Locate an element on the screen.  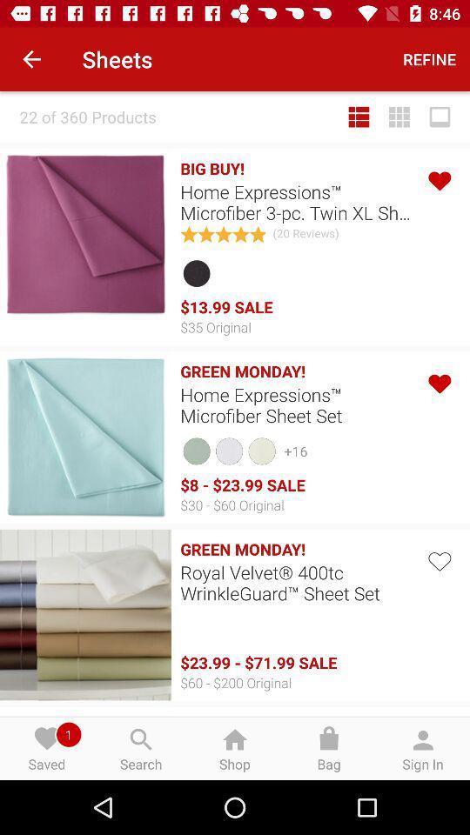
love button is located at coordinates (438, 558).